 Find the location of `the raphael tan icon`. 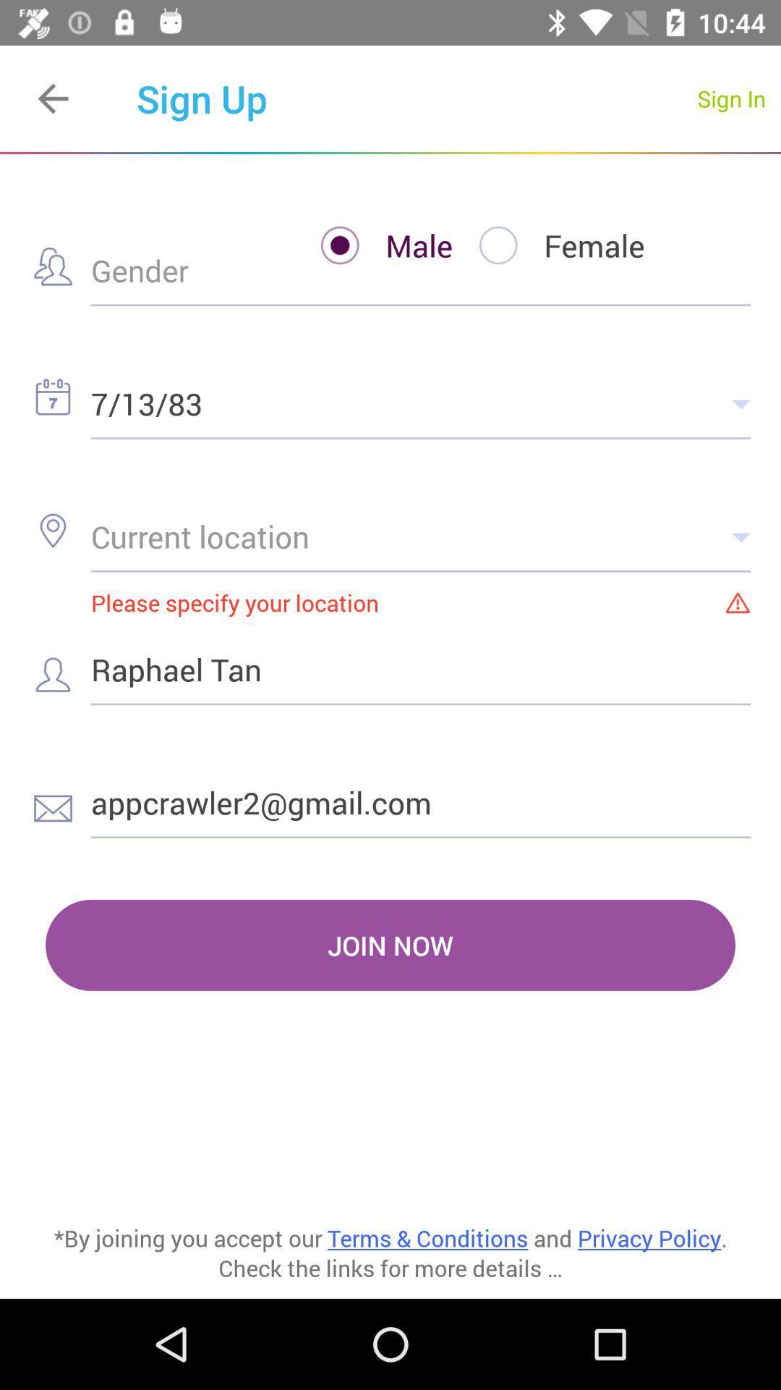

the raphael tan icon is located at coordinates (421, 668).